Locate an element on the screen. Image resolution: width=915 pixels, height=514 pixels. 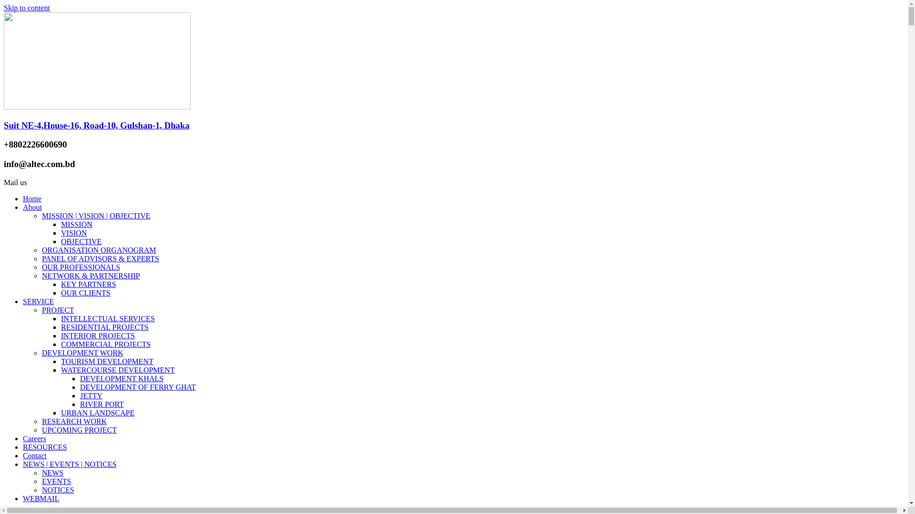
'RESIDENTIAL PROJECTS' is located at coordinates (61, 326).